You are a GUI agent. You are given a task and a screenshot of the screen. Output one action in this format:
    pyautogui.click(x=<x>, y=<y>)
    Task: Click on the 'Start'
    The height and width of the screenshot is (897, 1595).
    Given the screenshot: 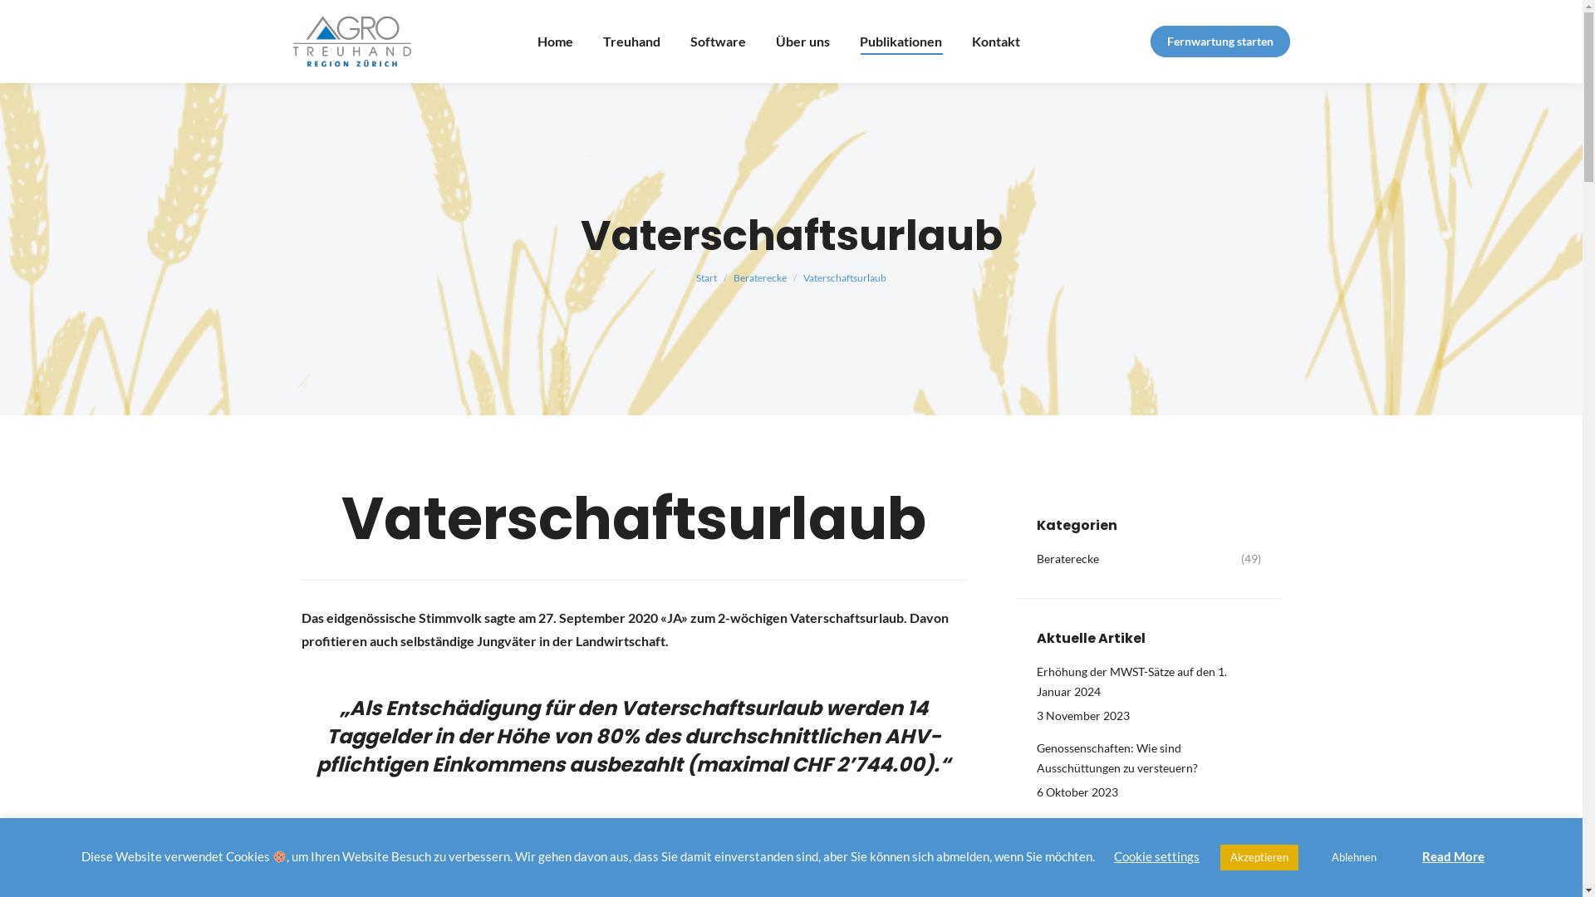 What is the action you would take?
    pyautogui.click(x=706, y=277)
    